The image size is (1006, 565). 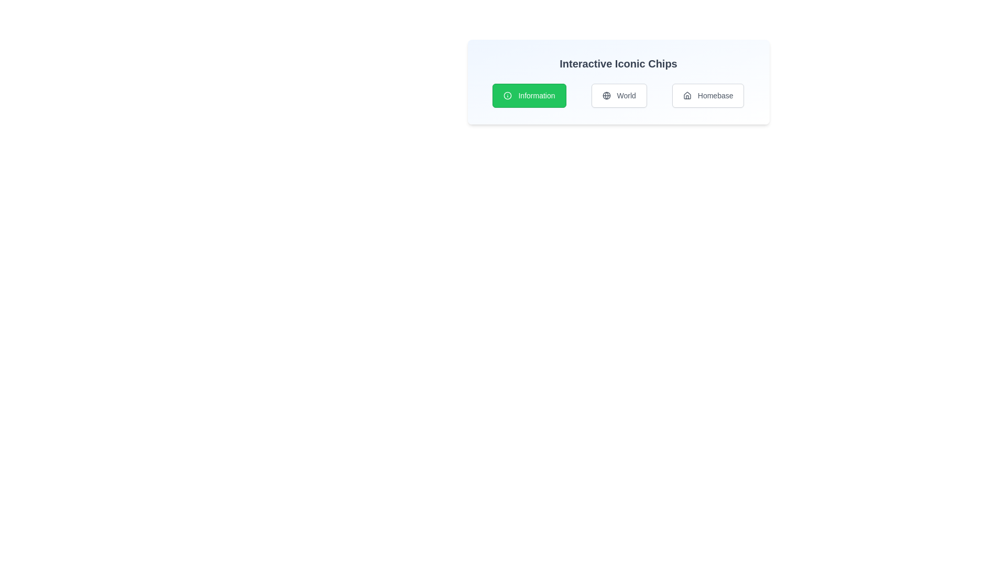 What do you see at coordinates (529, 95) in the screenshot?
I see `the chip labeled Information` at bounding box center [529, 95].